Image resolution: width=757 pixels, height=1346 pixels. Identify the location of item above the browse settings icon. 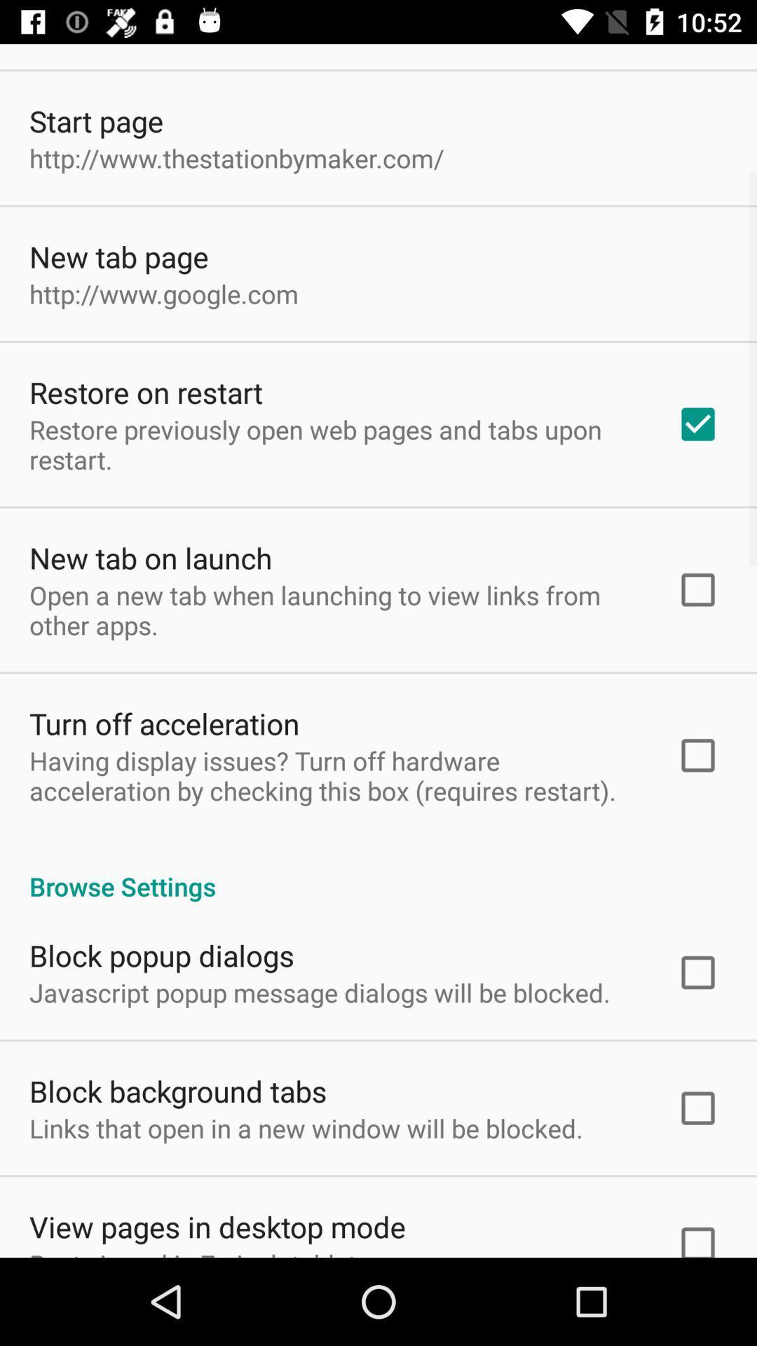
(334, 775).